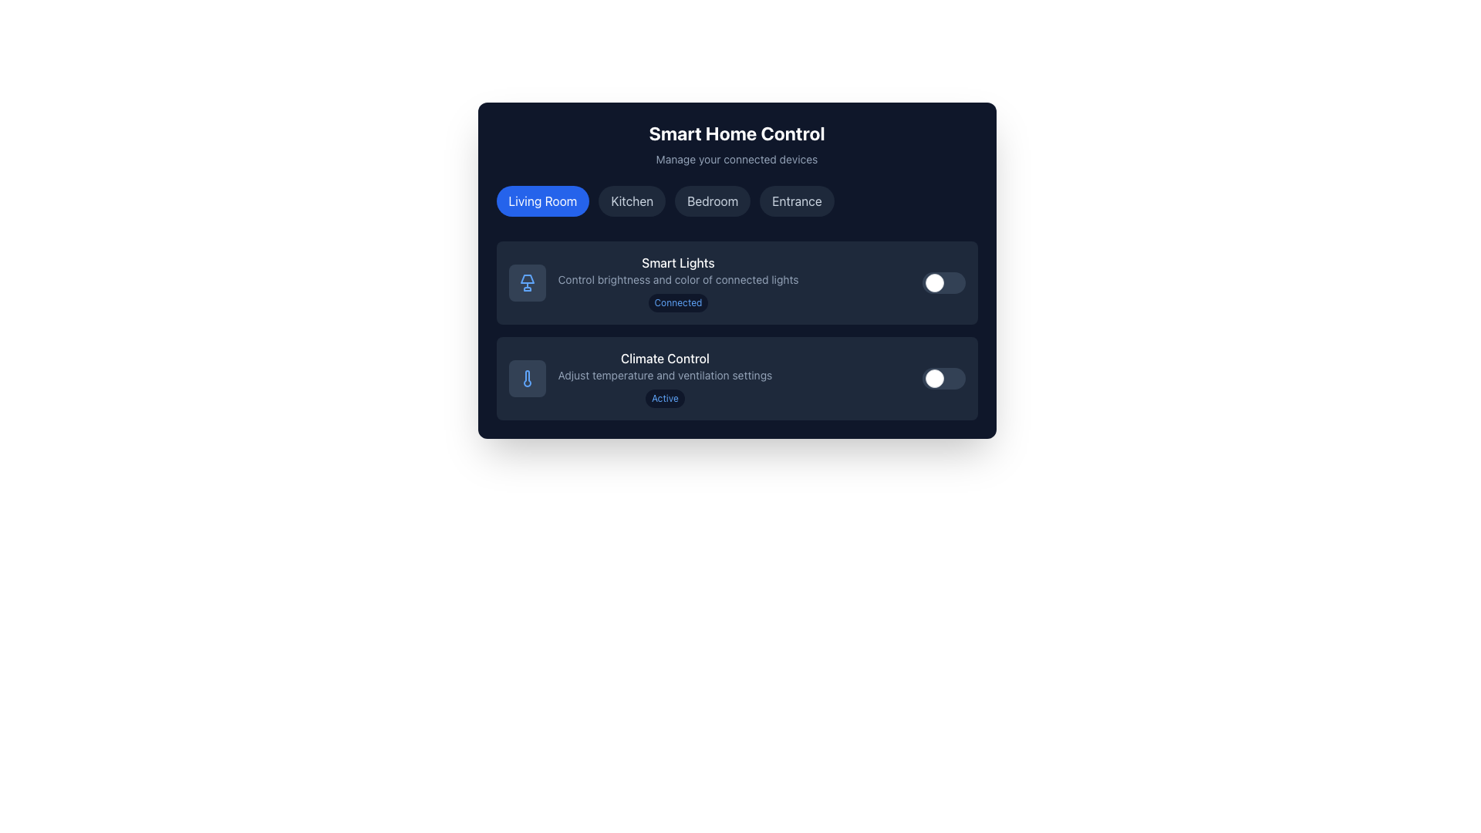 This screenshot has width=1481, height=833. Describe the element at coordinates (736, 160) in the screenshot. I see `the Text Label displaying 'Manage your connected devices.' which is located below the 'Smart Home Control' title heading in the dark blue background interface` at that location.